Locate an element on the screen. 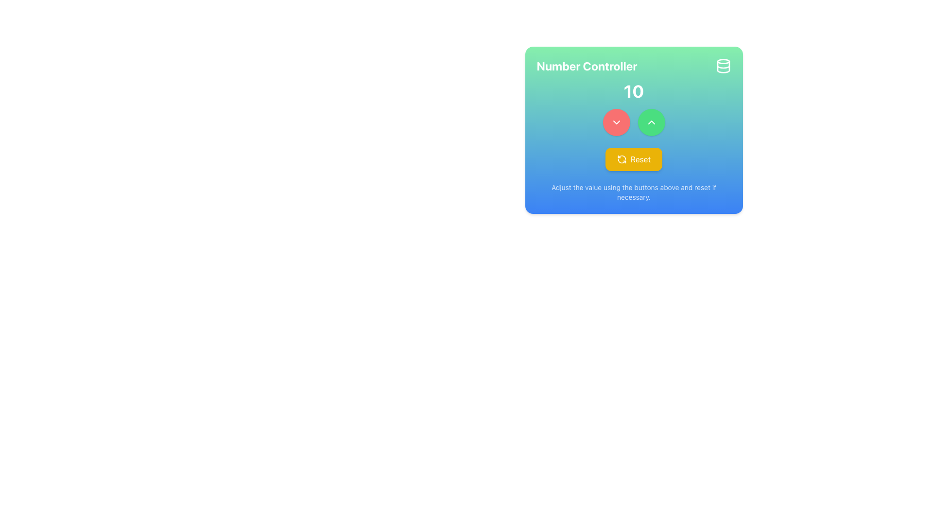 This screenshot has width=933, height=525. the button that decreases the displayed number, identified by its downward-pointing chevron icon, which is located on the left side of two similar buttons beneath the numeric value display ('10') is located at coordinates (616, 122).